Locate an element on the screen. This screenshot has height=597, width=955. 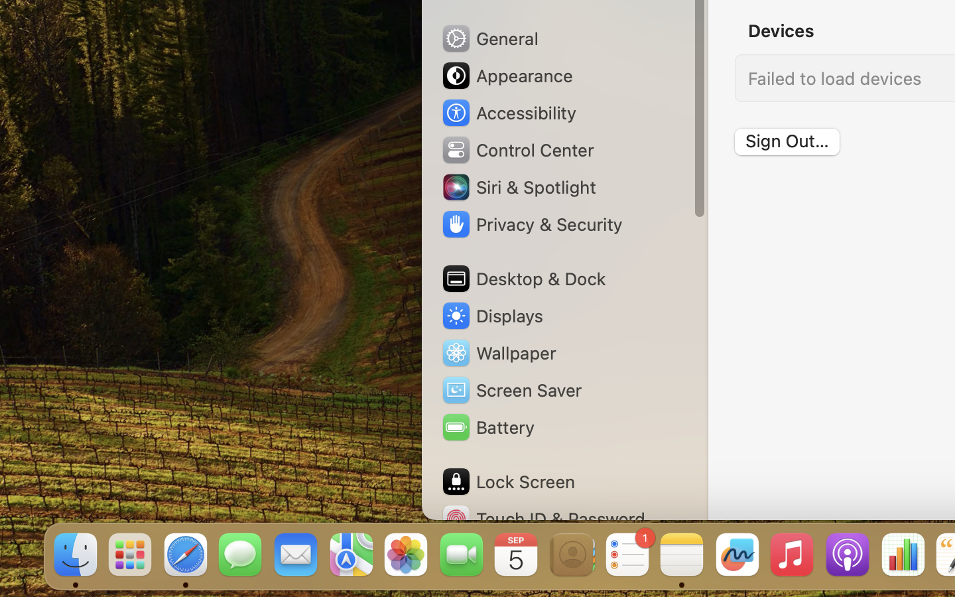
'Lock Screen' is located at coordinates (507, 481).